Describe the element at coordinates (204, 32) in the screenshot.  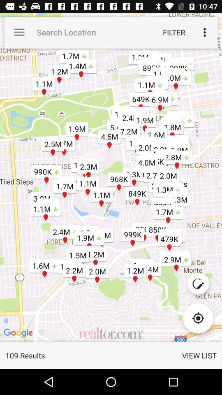
I see `icon to the right of filter icon` at that location.